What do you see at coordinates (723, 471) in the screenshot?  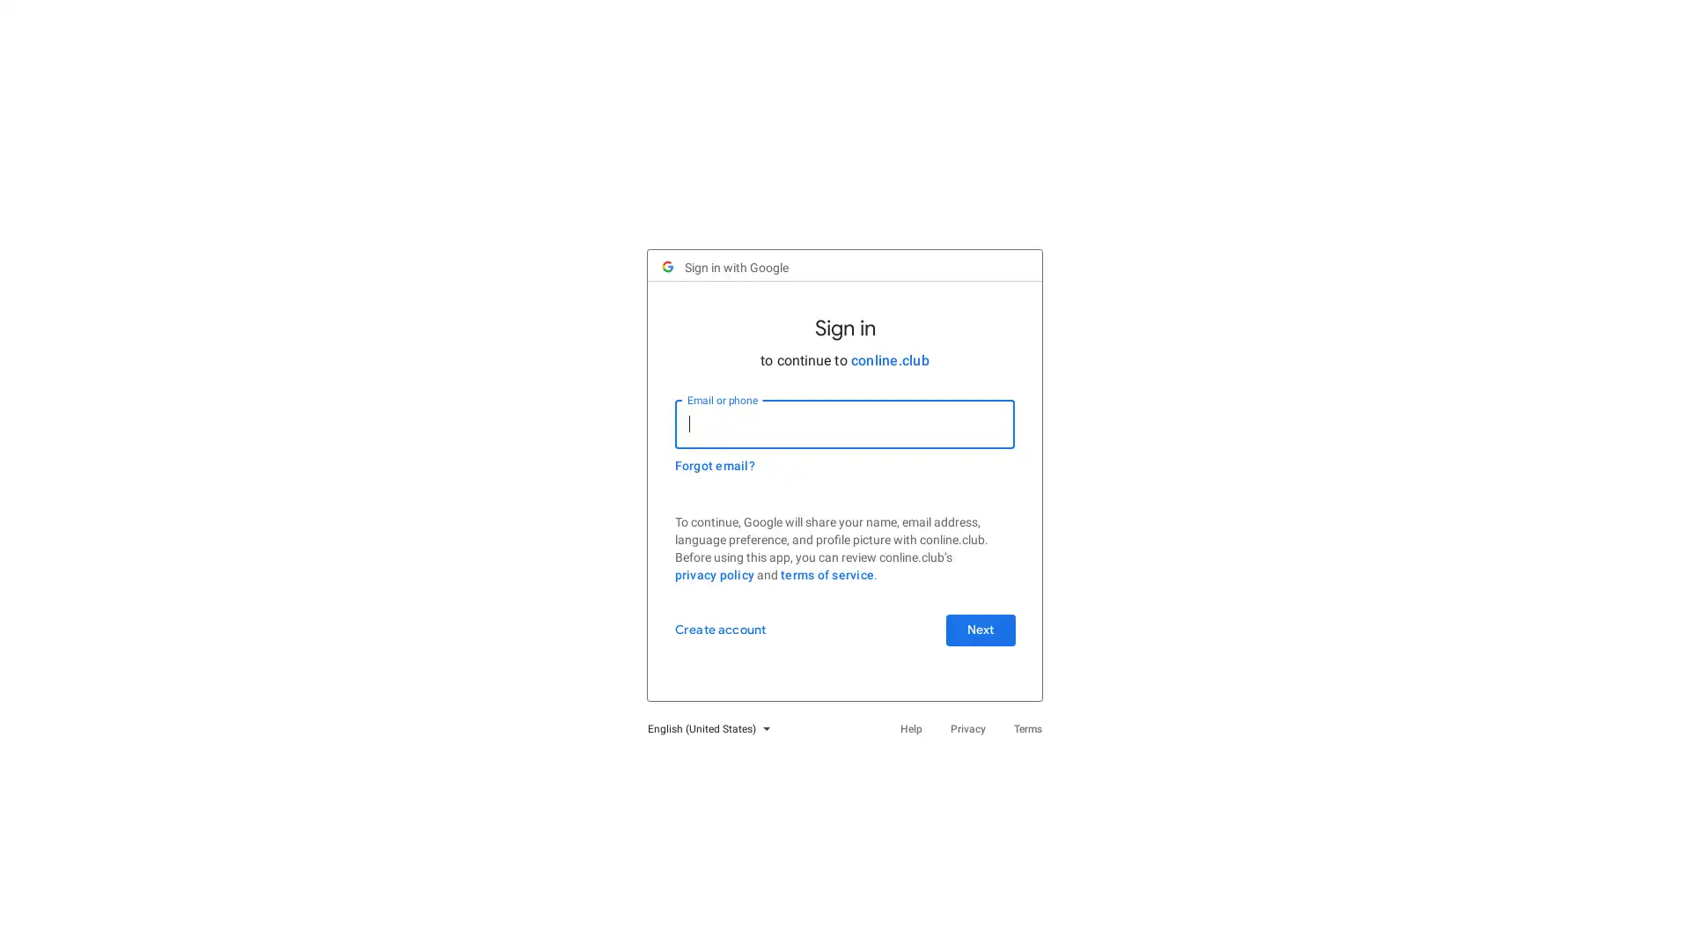 I see `Forgot email?` at bounding box center [723, 471].